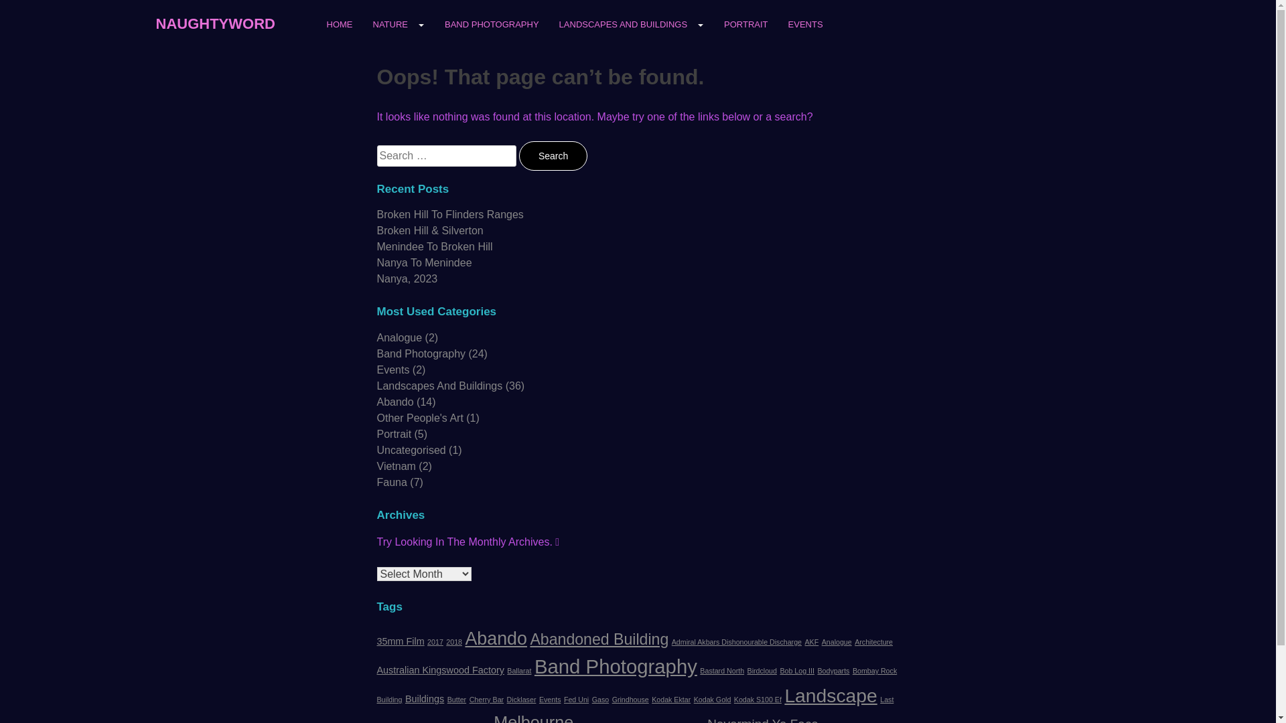 The width and height of the screenshot is (1286, 723). I want to click on 'LANDSCAPES AND BUILDINGS', so click(630, 24).